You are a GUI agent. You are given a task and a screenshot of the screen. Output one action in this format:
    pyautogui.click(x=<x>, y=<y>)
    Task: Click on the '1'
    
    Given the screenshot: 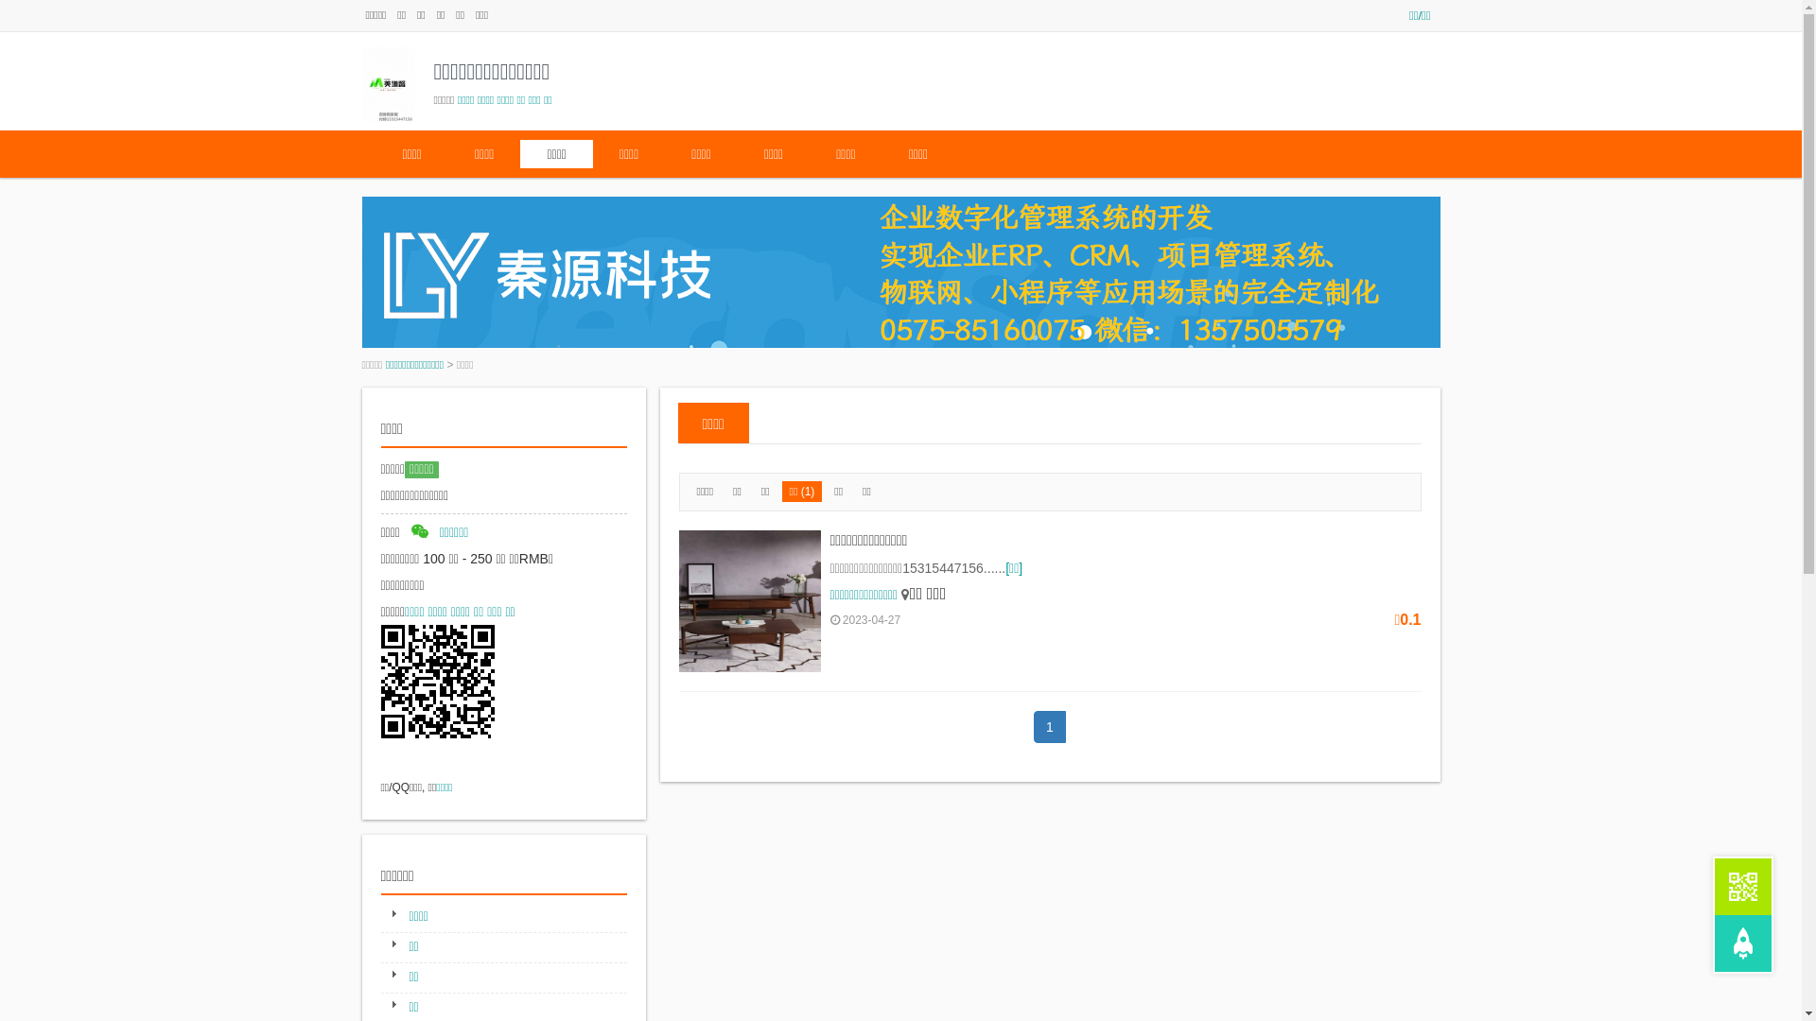 What is the action you would take?
    pyautogui.click(x=1048, y=725)
    